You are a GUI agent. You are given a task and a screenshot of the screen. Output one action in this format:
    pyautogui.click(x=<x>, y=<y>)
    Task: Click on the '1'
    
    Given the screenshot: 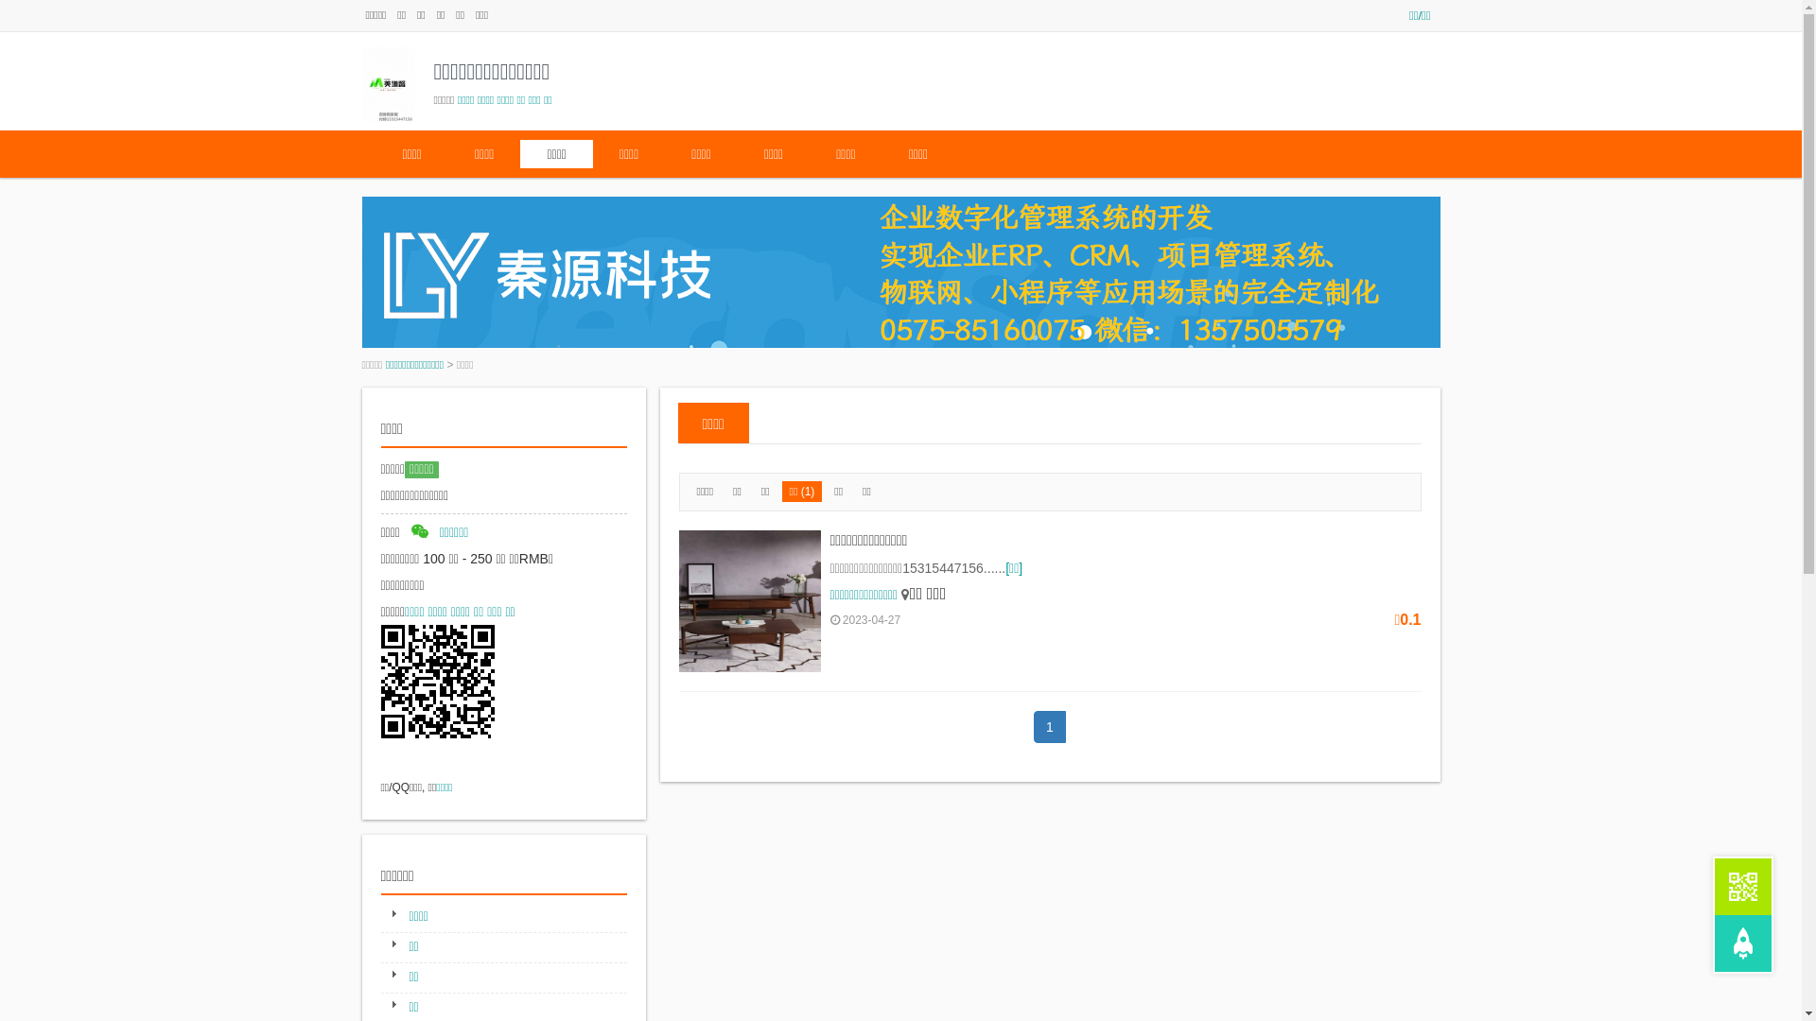 What is the action you would take?
    pyautogui.click(x=1048, y=725)
    